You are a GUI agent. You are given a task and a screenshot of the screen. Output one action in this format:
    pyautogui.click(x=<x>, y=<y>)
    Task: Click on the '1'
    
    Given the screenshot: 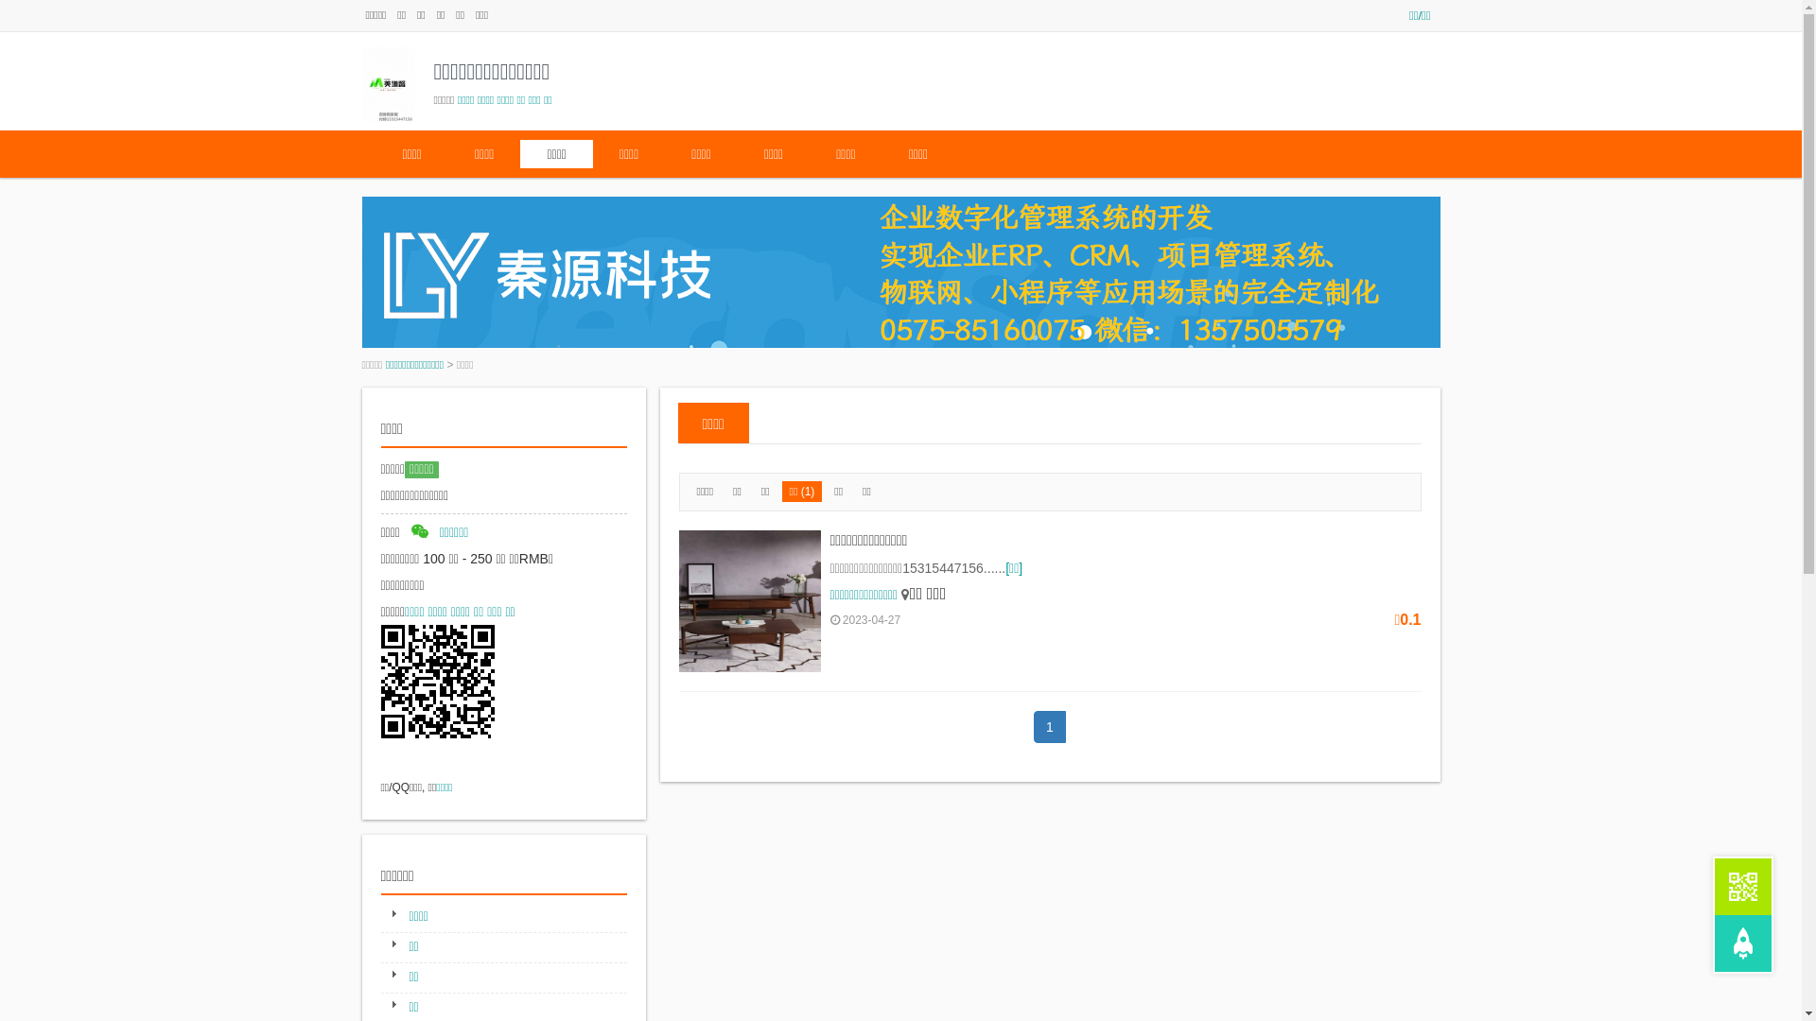 What is the action you would take?
    pyautogui.click(x=1048, y=725)
    